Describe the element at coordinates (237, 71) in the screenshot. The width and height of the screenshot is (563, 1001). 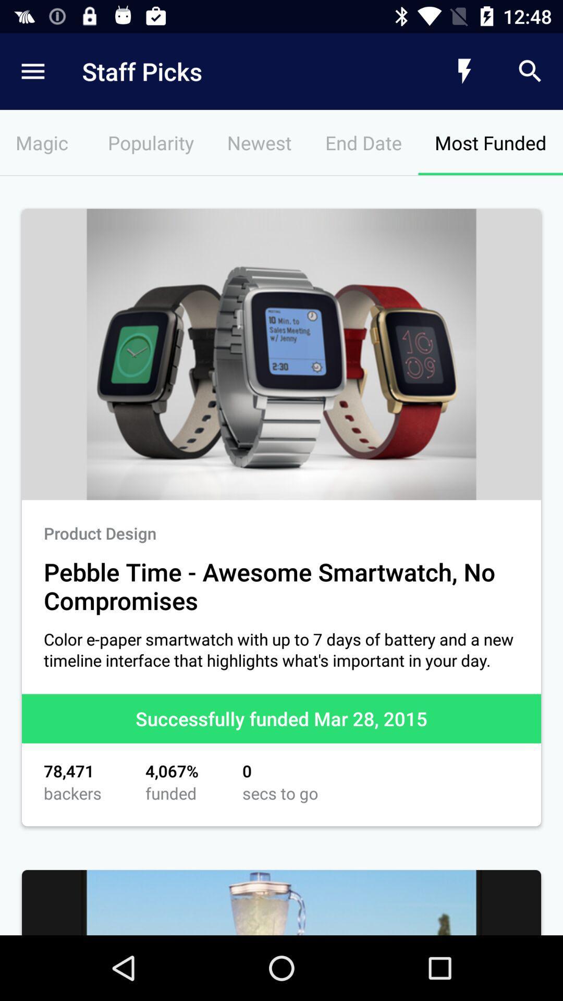
I see `the item above the magic` at that location.